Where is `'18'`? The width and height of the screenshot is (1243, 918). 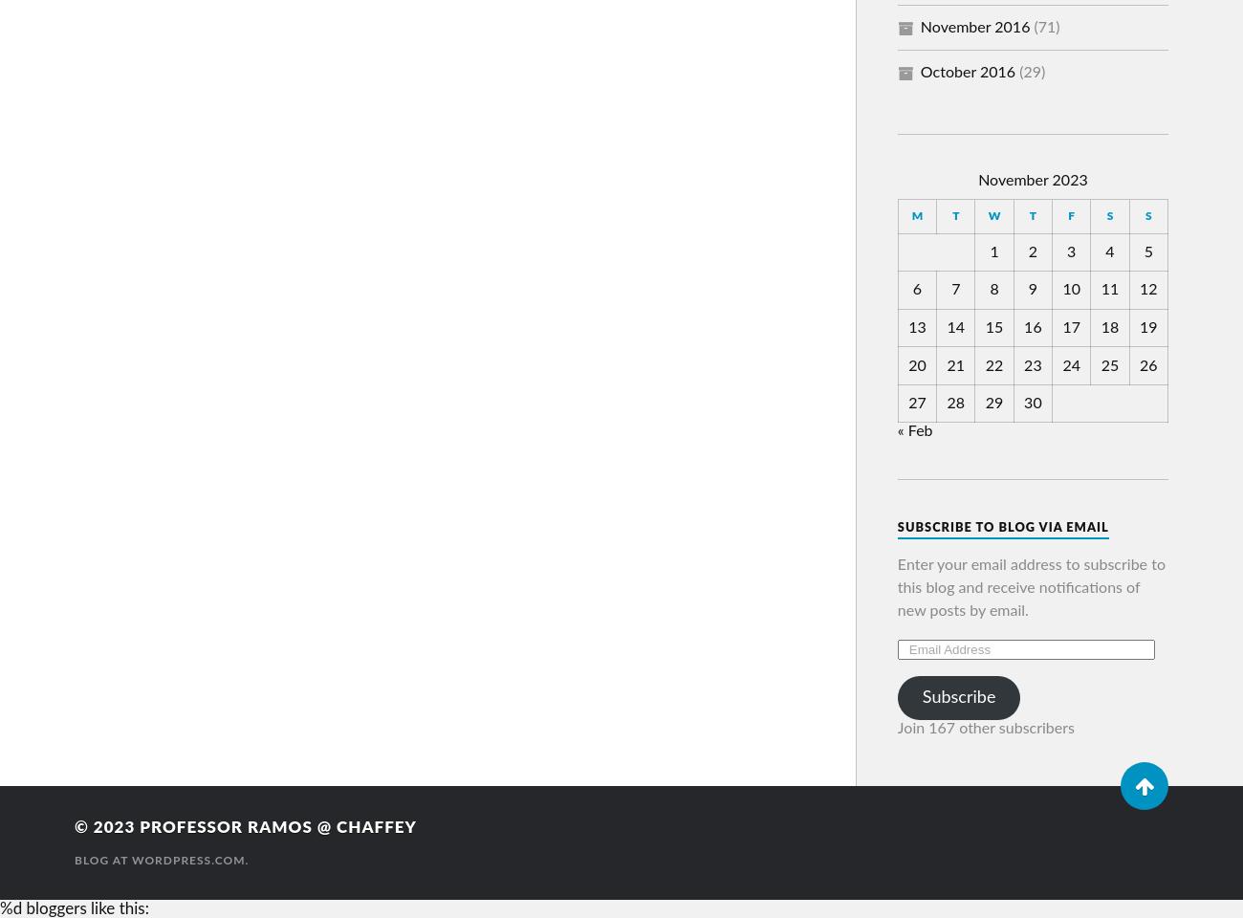 '18' is located at coordinates (1109, 326).